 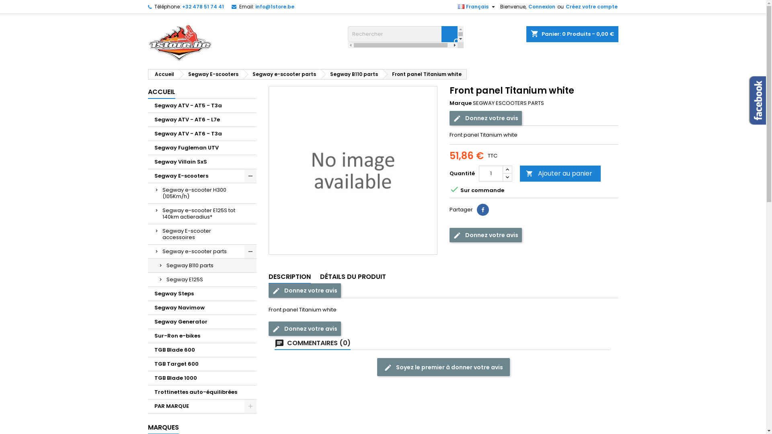 I want to click on 'Segway ATV - AT6 - T3a', so click(x=202, y=133).